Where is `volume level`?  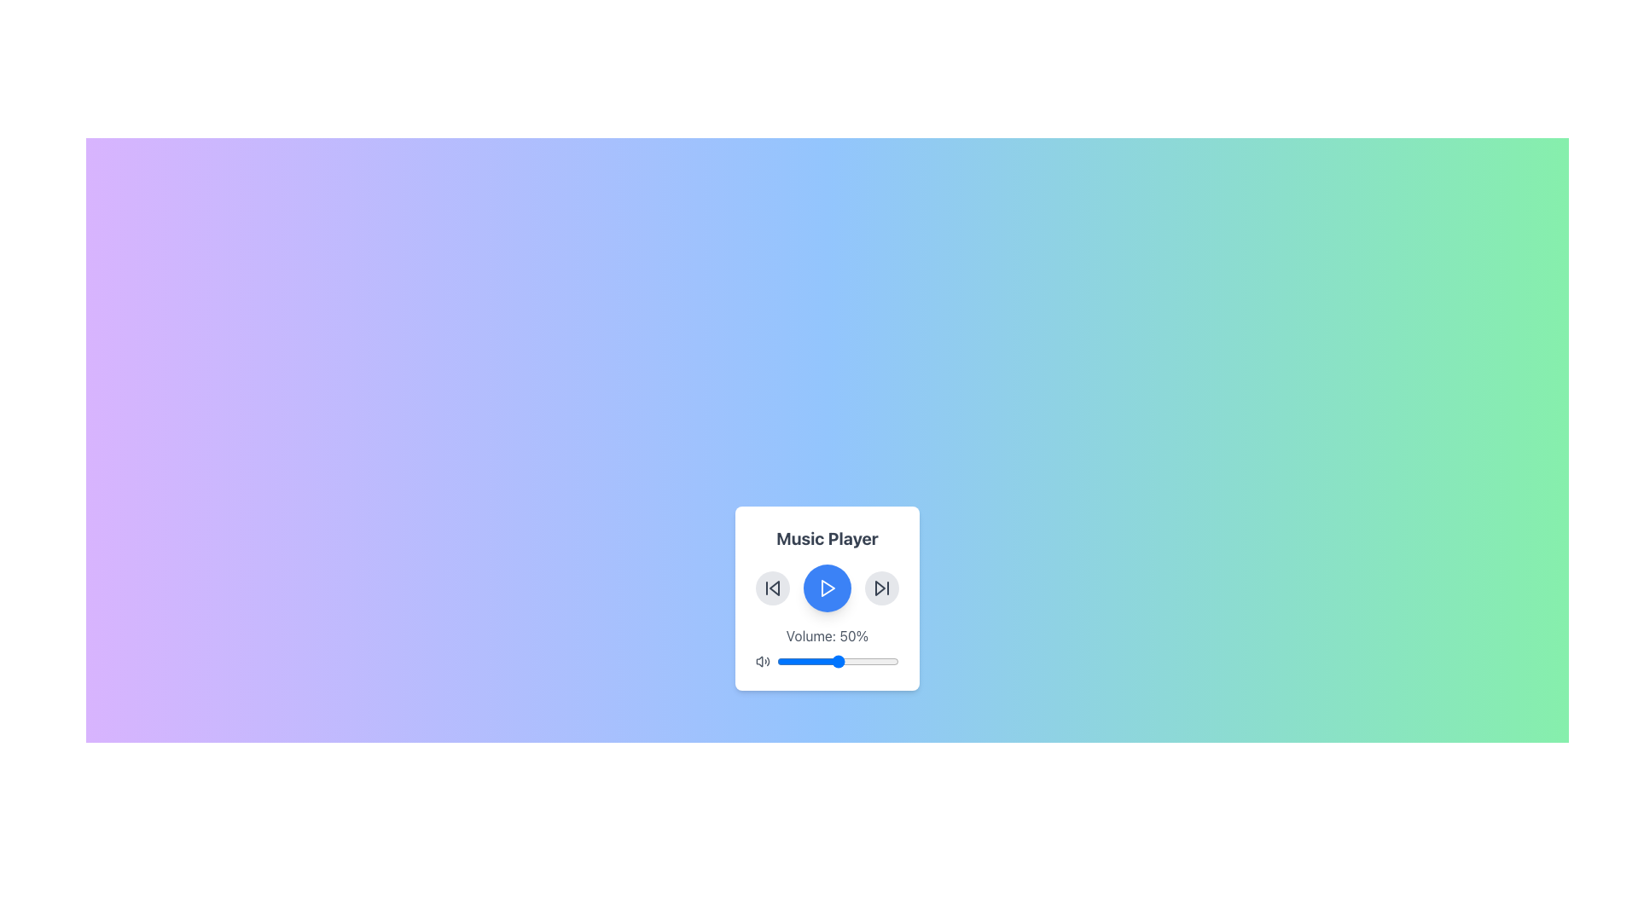 volume level is located at coordinates (845, 660).